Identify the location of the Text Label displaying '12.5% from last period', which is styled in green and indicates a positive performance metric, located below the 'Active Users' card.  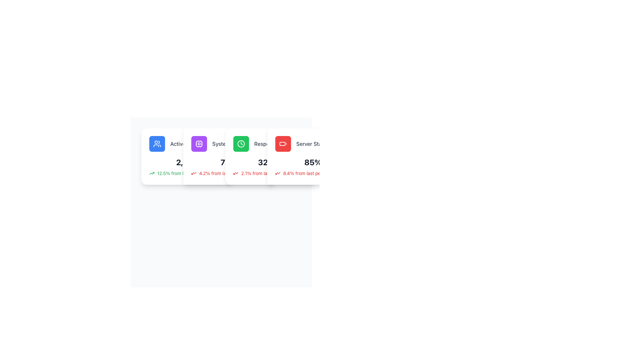
(181, 173).